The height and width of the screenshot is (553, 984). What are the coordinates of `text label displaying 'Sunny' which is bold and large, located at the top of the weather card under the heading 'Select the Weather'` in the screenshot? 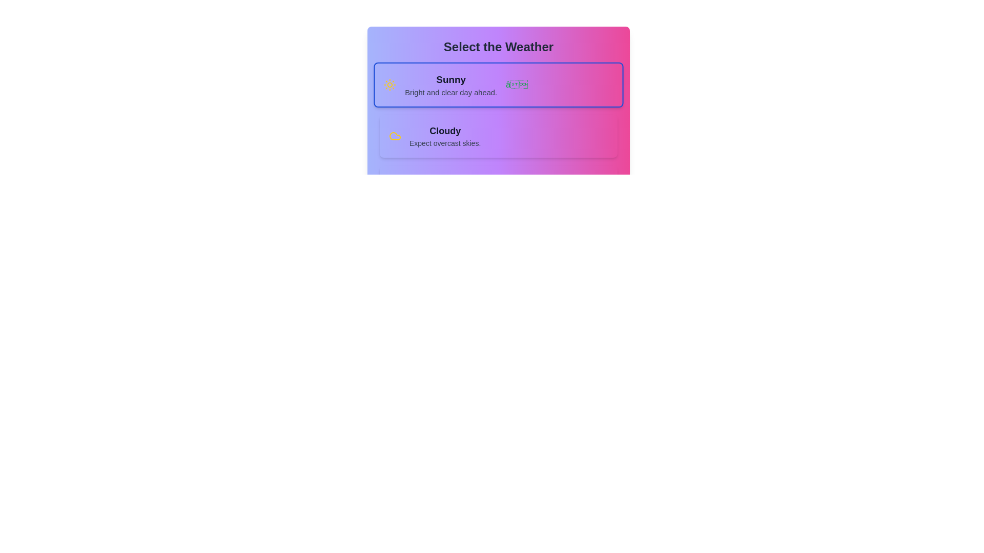 It's located at (451, 79).